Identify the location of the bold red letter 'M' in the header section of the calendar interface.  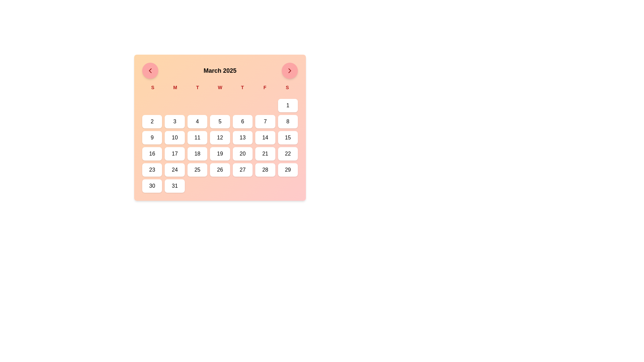
(175, 87).